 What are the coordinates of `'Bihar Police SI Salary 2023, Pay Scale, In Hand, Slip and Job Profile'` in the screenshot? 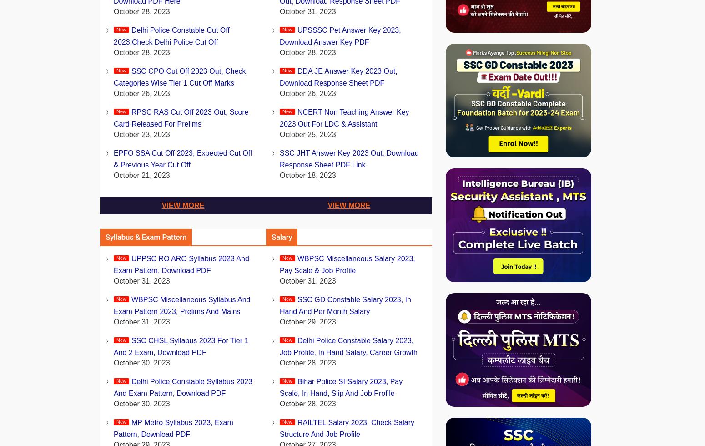 It's located at (341, 387).